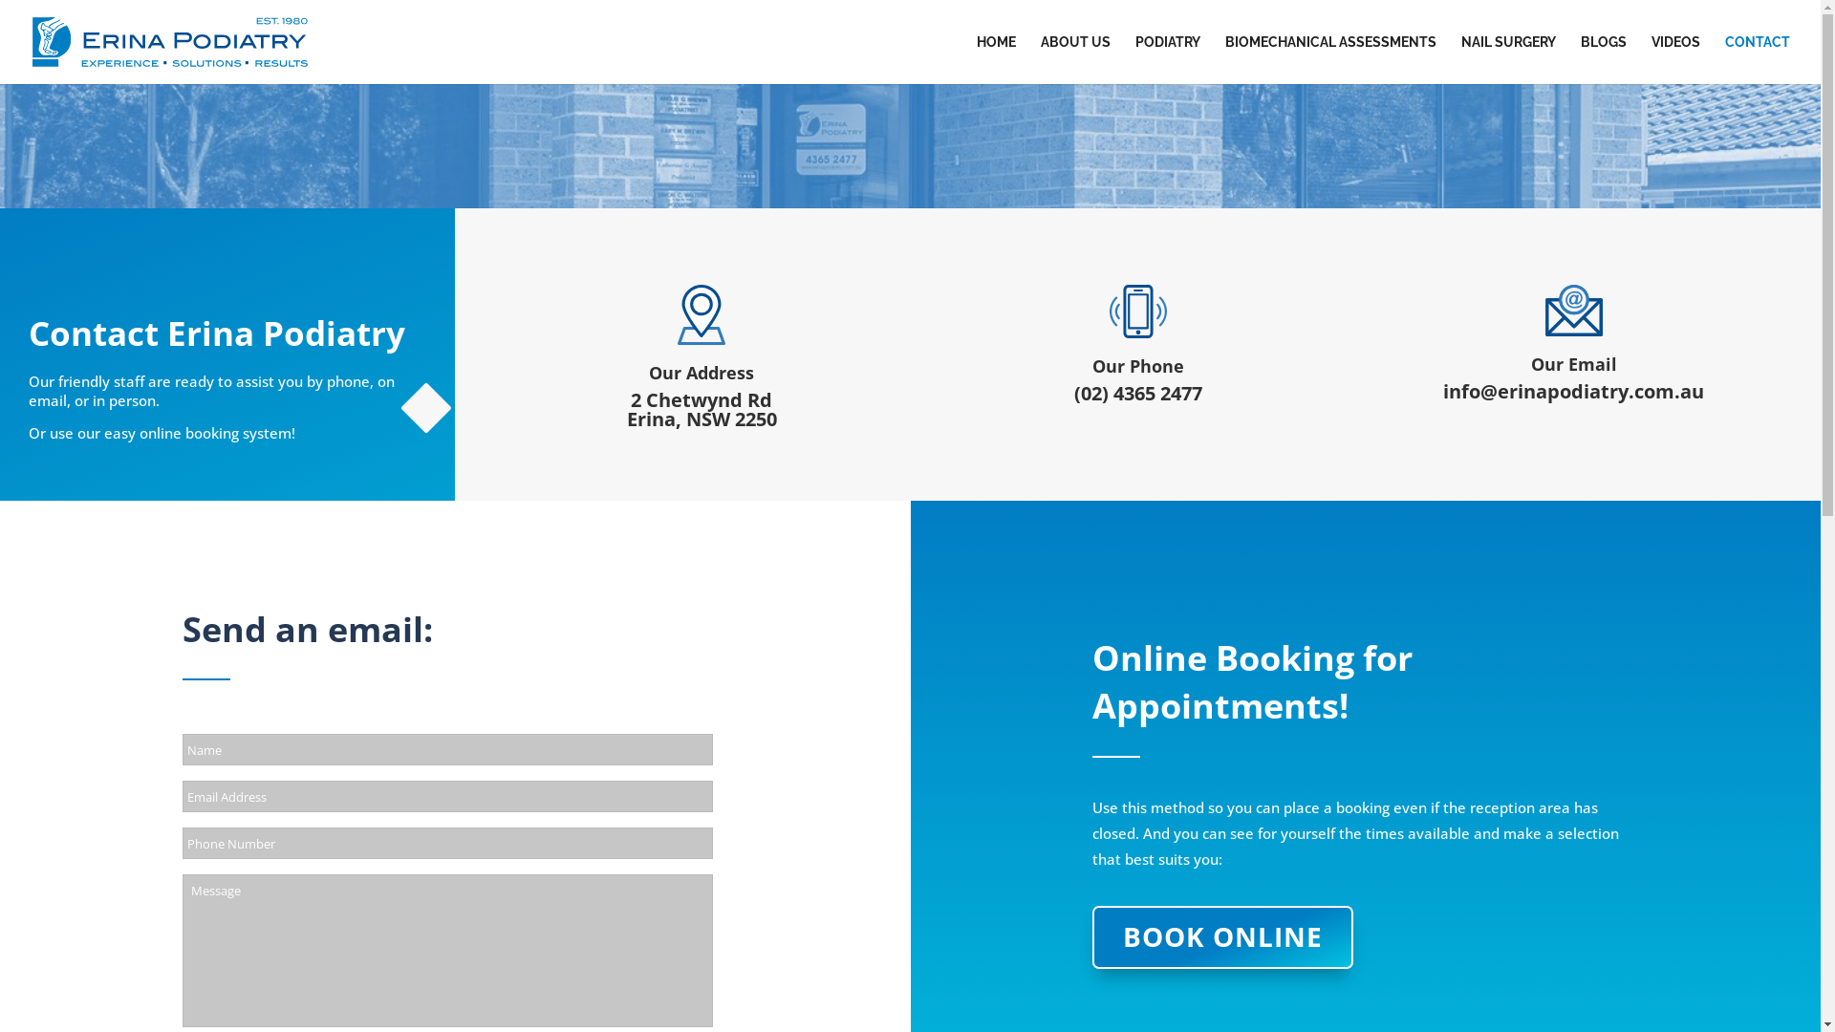 This screenshot has height=1032, width=1835. What do you see at coordinates (1573, 390) in the screenshot?
I see `'info@erinapodiatry.com.au'` at bounding box center [1573, 390].